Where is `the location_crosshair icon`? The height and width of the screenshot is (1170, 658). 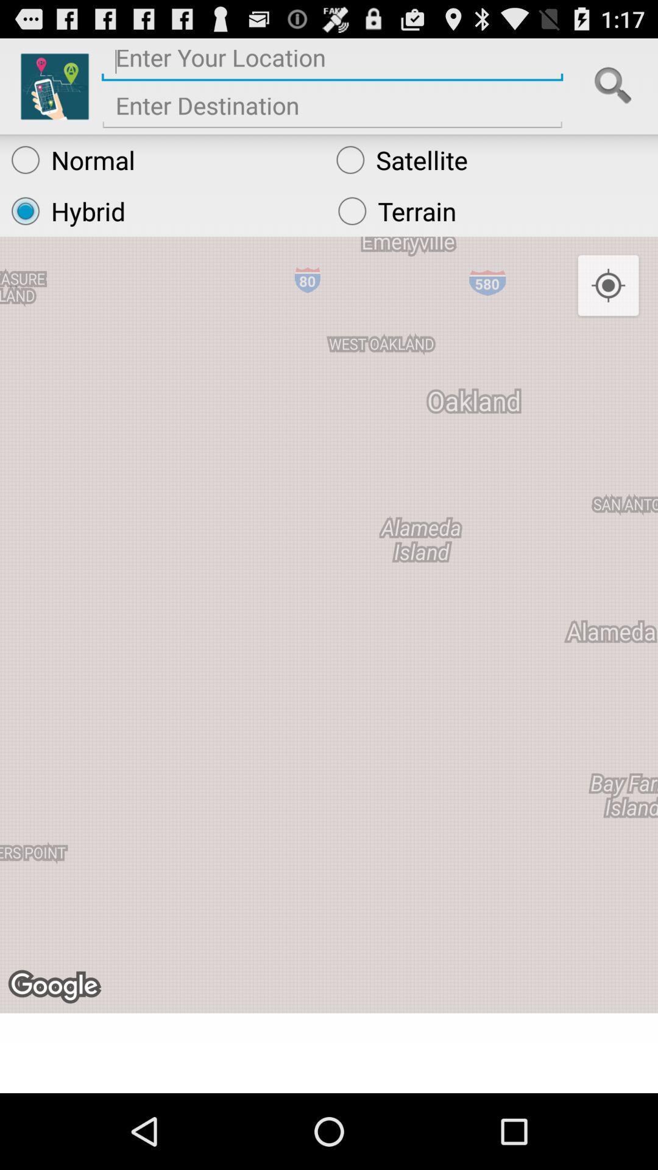 the location_crosshair icon is located at coordinates (608, 306).